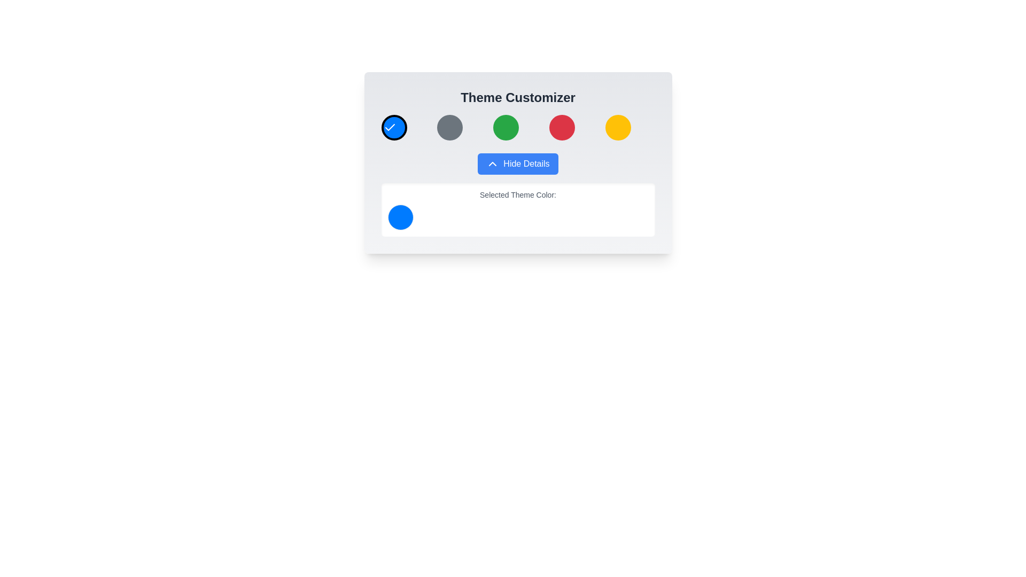 Image resolution: width=1026 pixels, height=577 pixels. I want to click on the informational box labeled 'Selected Theme Color:' which contains a blue circular graphic indicator, located towards the bottom of the 'Theme Customizer' section, so click(518, 210).